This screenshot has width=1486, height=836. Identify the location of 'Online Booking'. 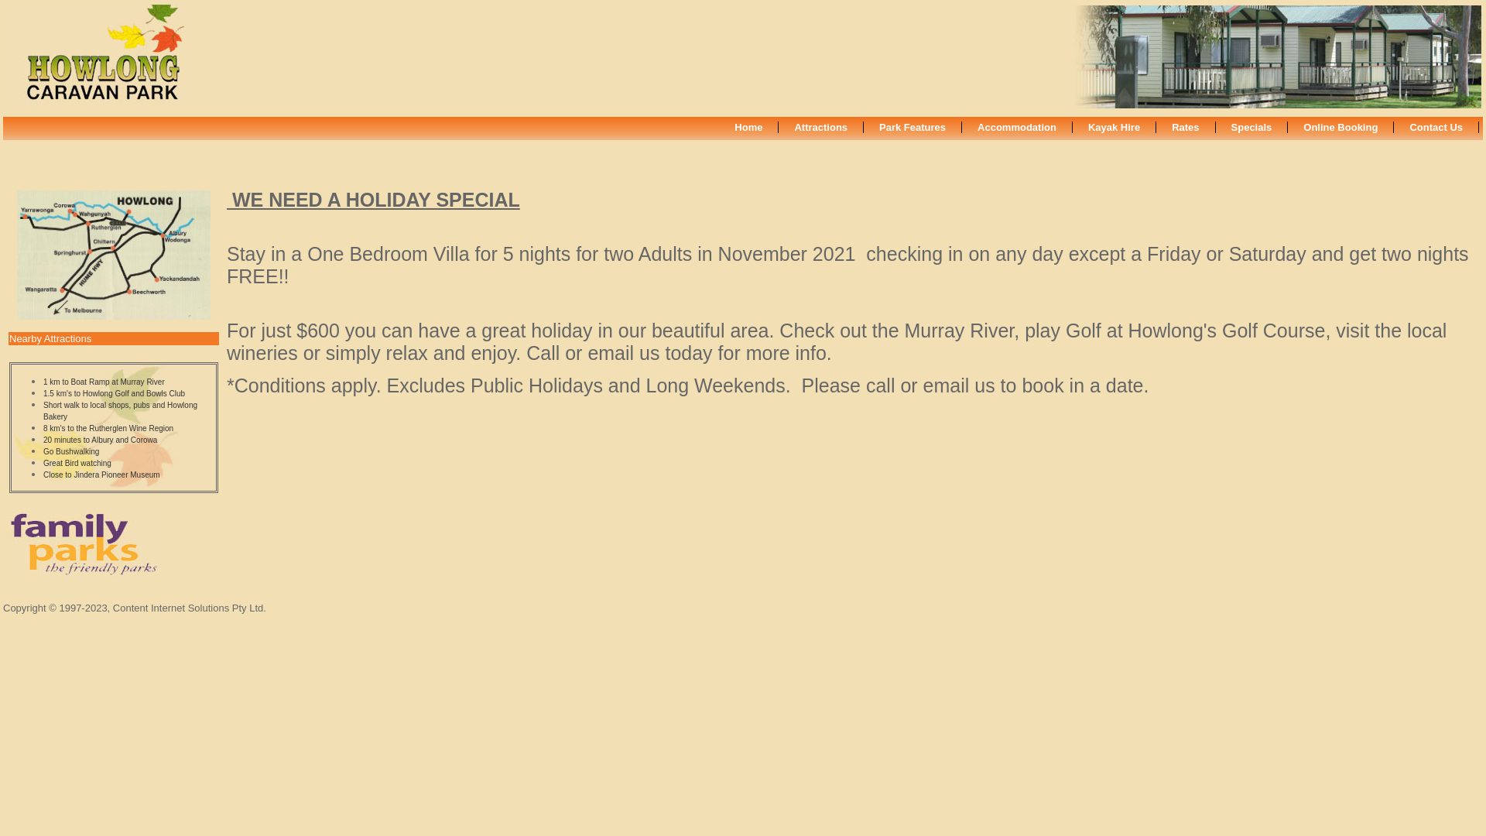
(1340, 126).